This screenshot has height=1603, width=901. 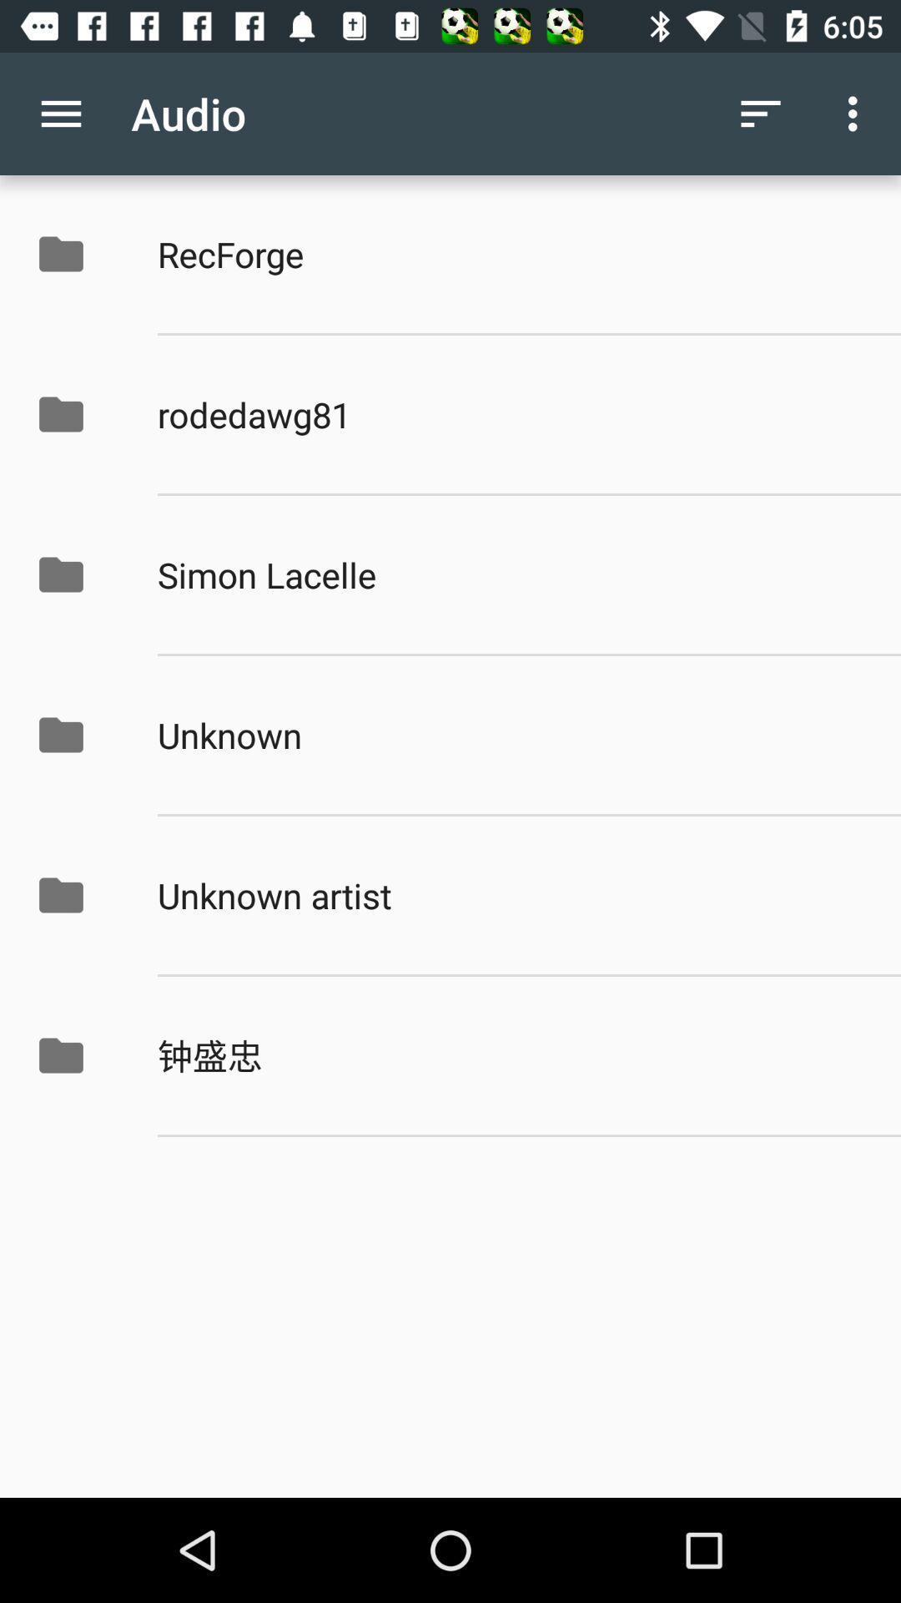 I want to click on icon below recforge icon, so click(x=511, y=414).